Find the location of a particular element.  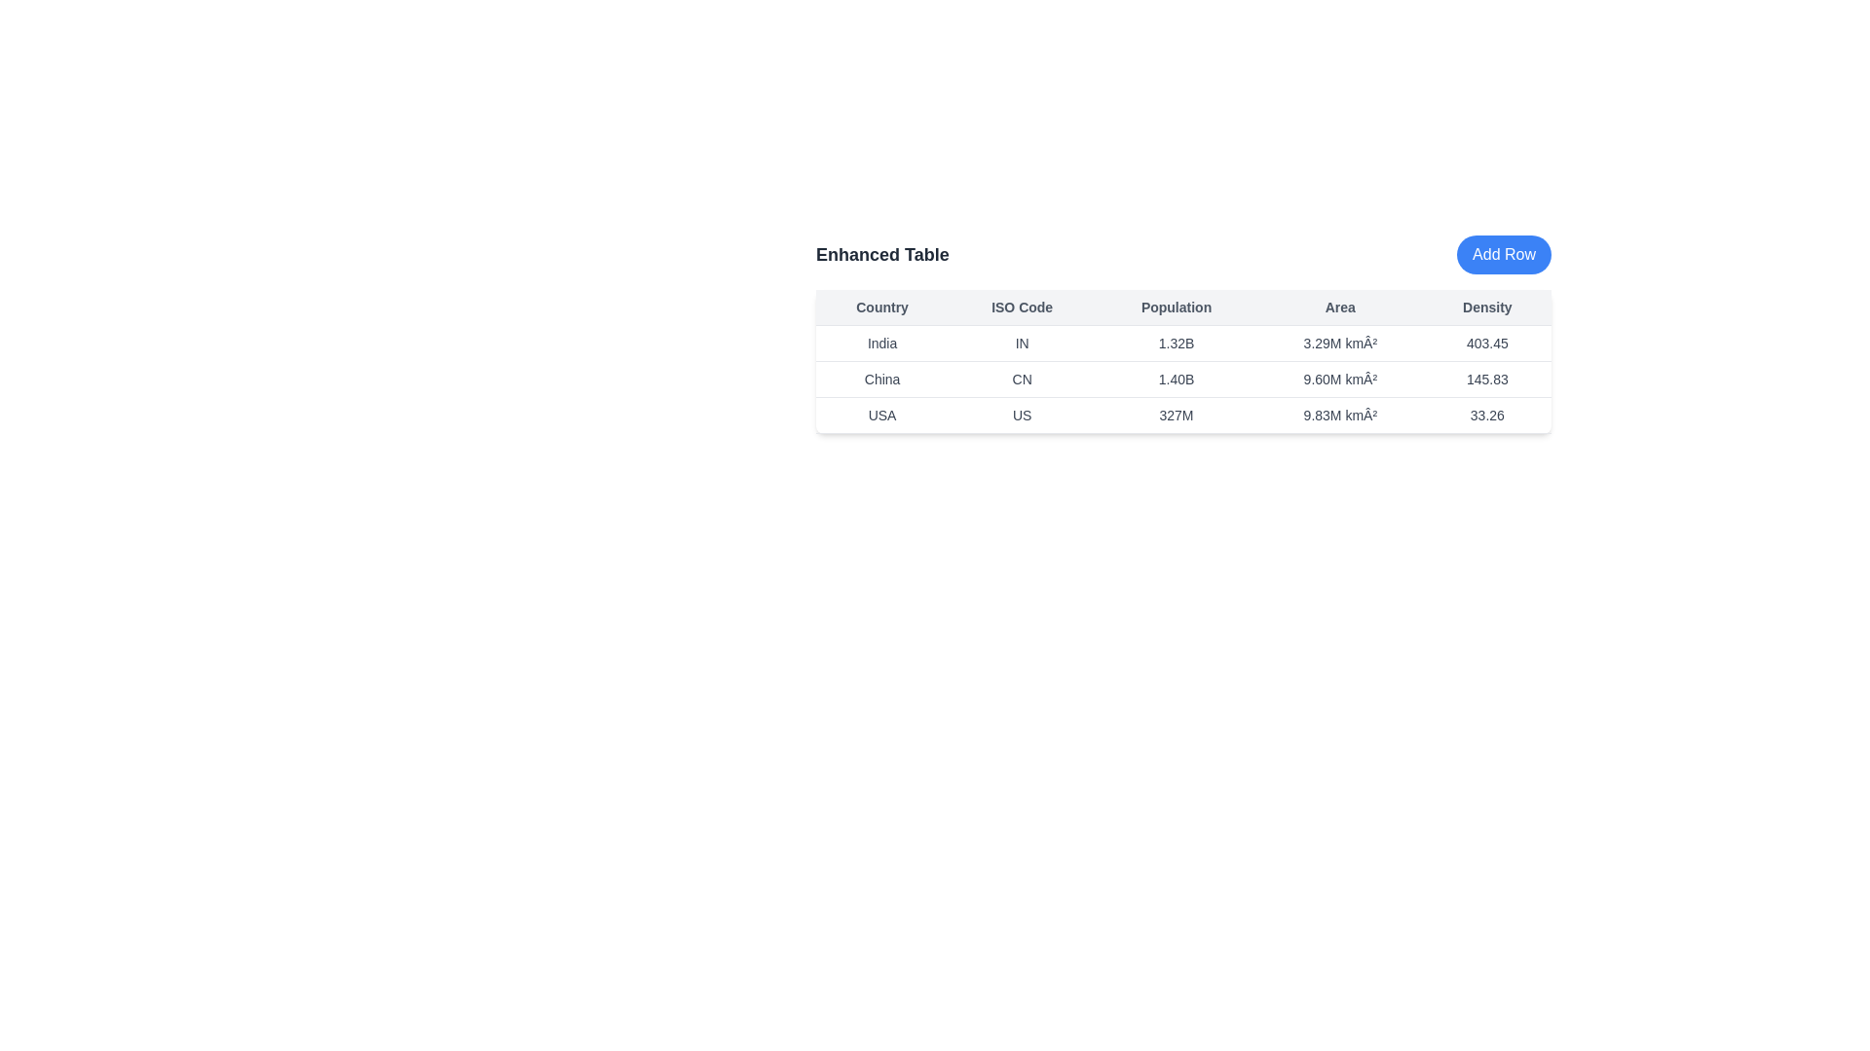

the Table Header Row containing column labels 'Country,' 'ISO Code,' 'Population,' 'Area,' and 'Density' is located at coordinates (1182, 307).